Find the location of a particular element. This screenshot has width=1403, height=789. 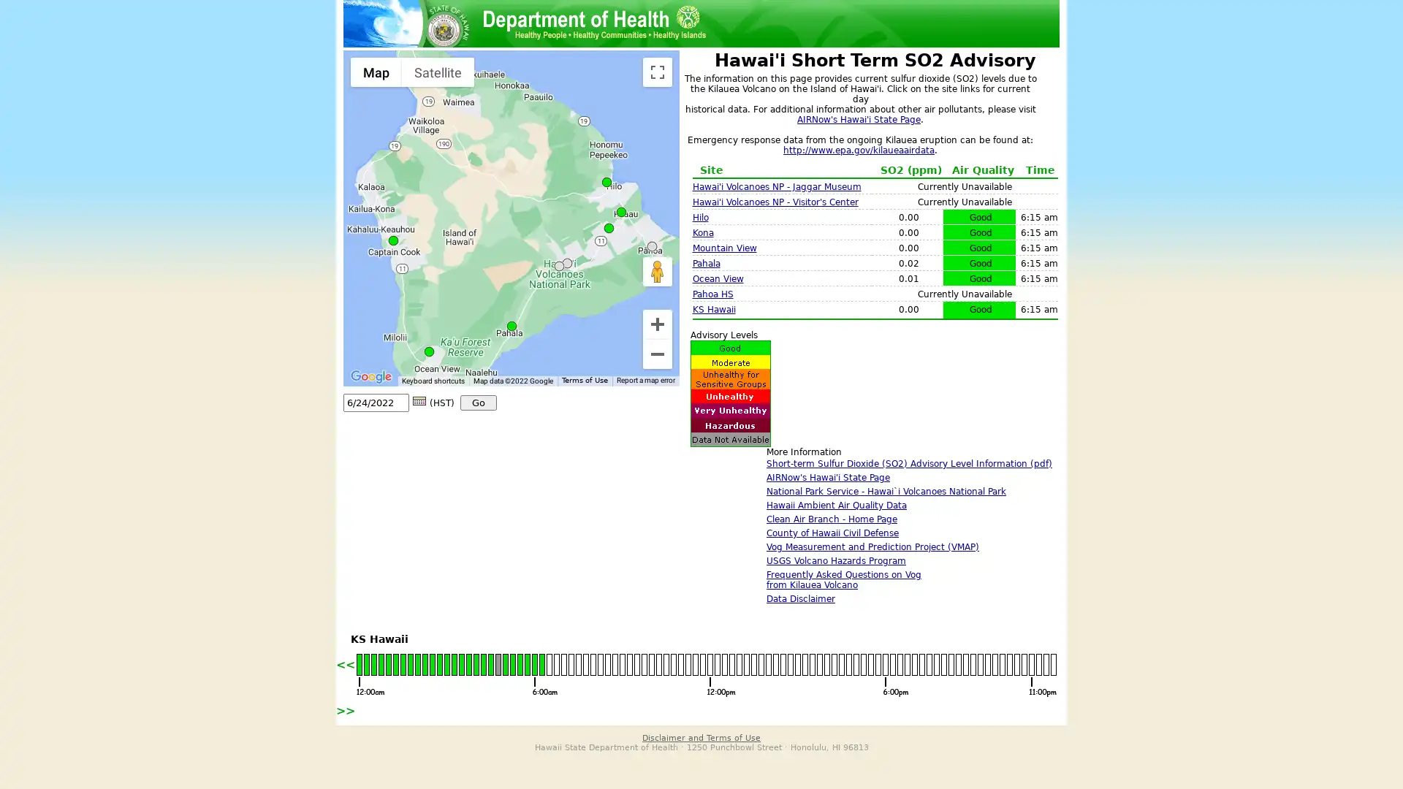

Zoom out is located at coordinates (657, 354).